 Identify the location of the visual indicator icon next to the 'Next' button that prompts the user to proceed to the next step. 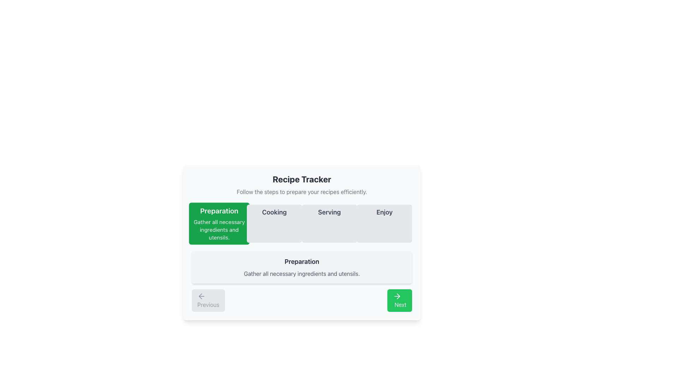
(398, 296).